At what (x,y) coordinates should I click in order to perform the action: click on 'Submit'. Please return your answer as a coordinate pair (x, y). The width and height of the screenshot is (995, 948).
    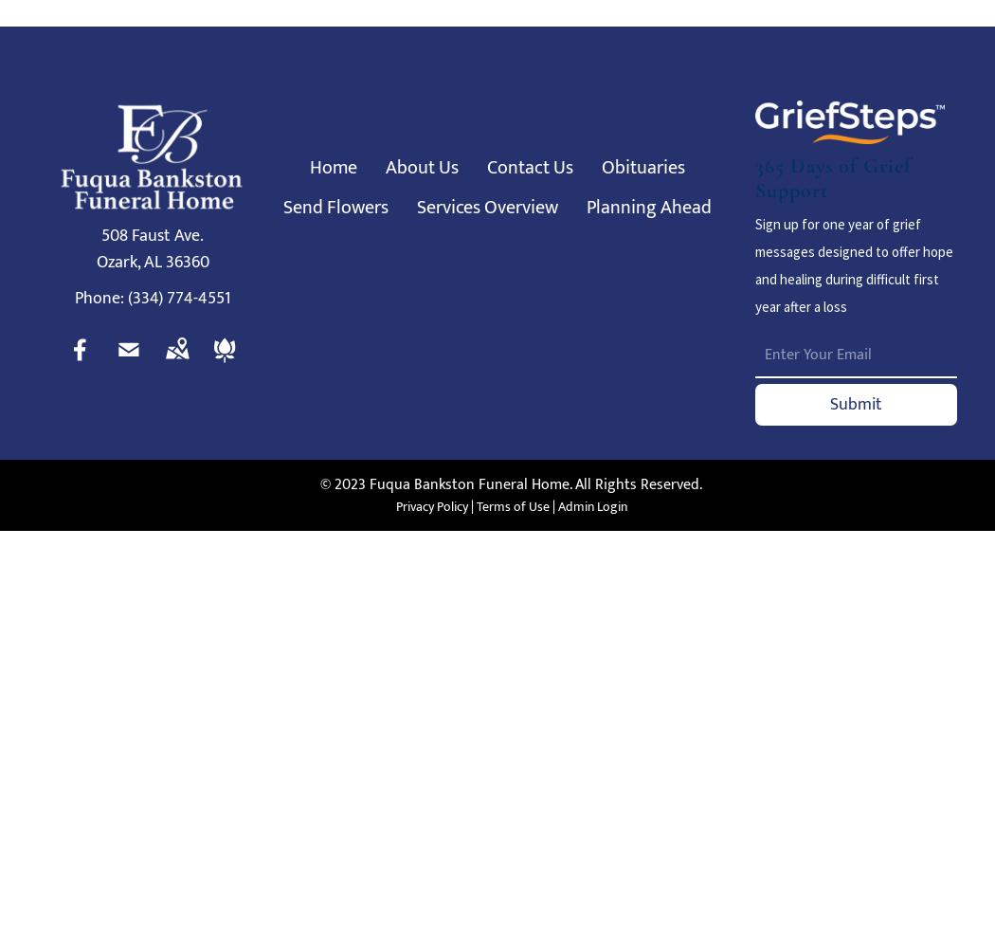
    Looking at the image, I should click on (856, 405).